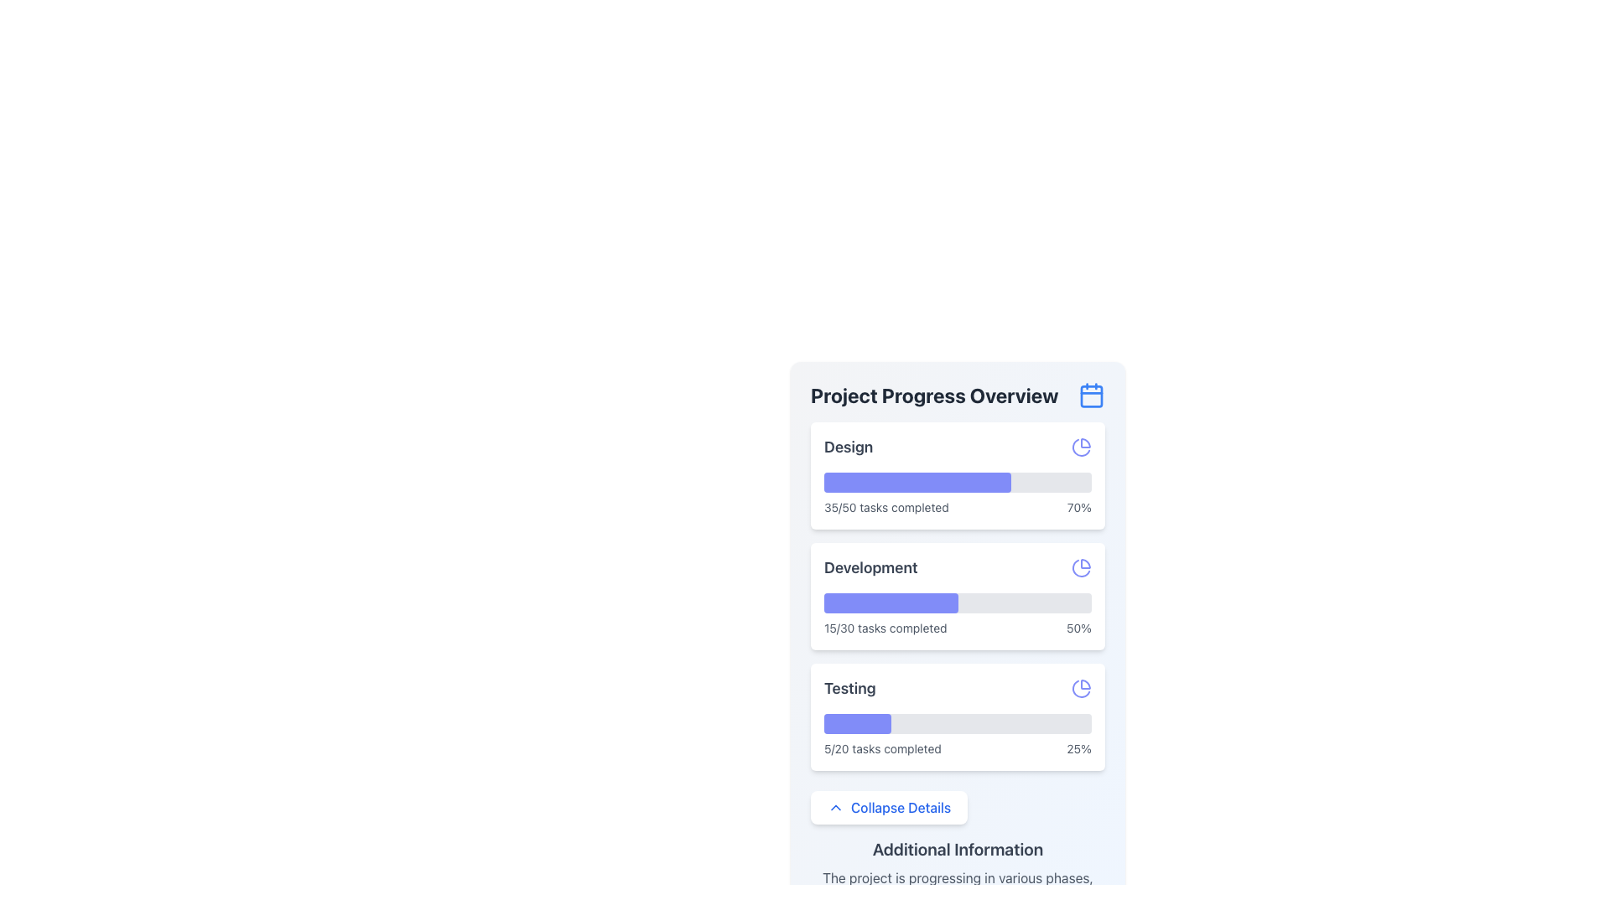 The image size is (1610, 905). What do you see at coordinates (836, 807) in the screenshot?
I see `the upward-pointing chevron-shaped icon, rendered in thin blue lines, located to the left of the 'Collapse Details' text` at bounding box center [836, 807].